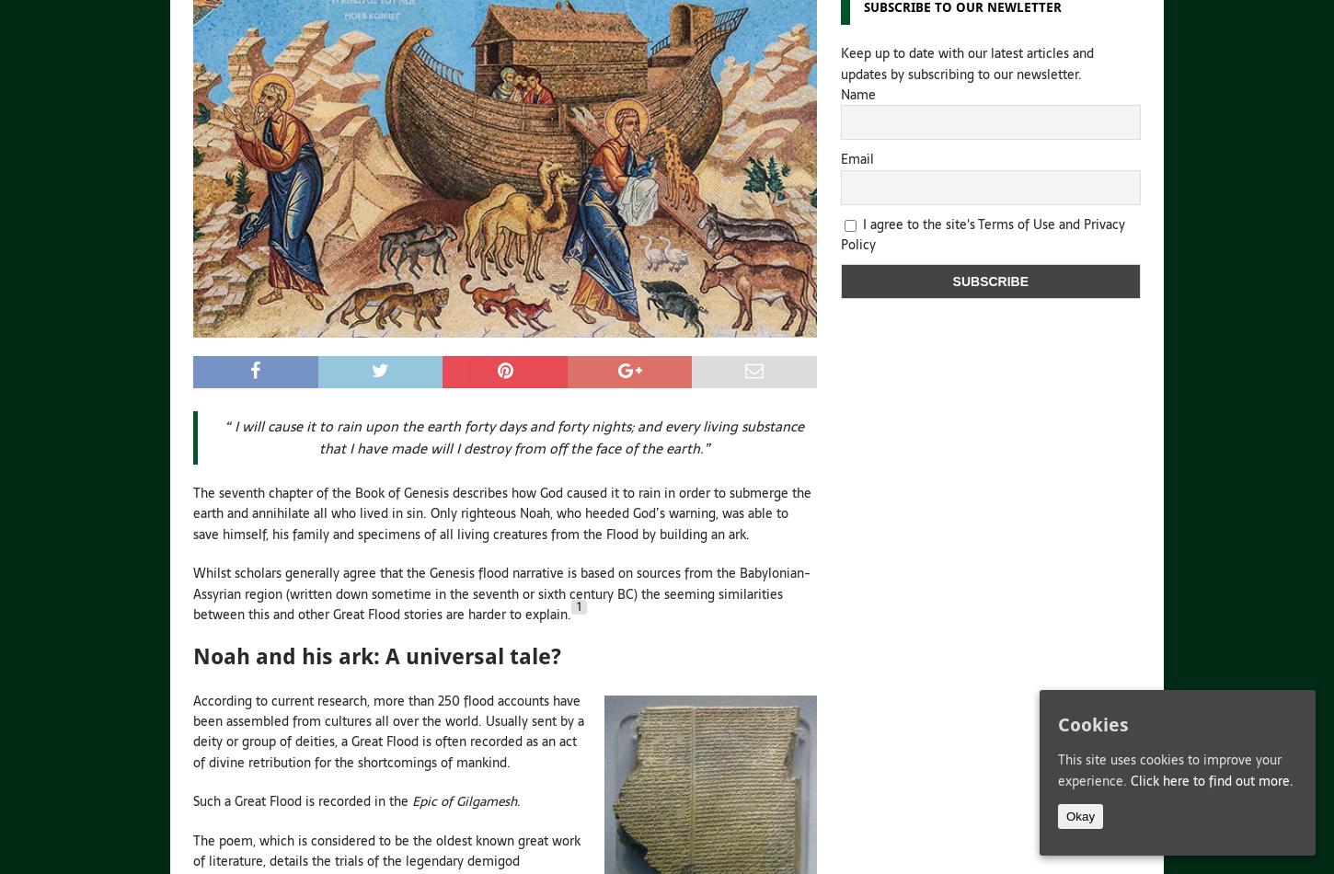  I want to click on 'Click here to find out more.', so click(1212, 778).